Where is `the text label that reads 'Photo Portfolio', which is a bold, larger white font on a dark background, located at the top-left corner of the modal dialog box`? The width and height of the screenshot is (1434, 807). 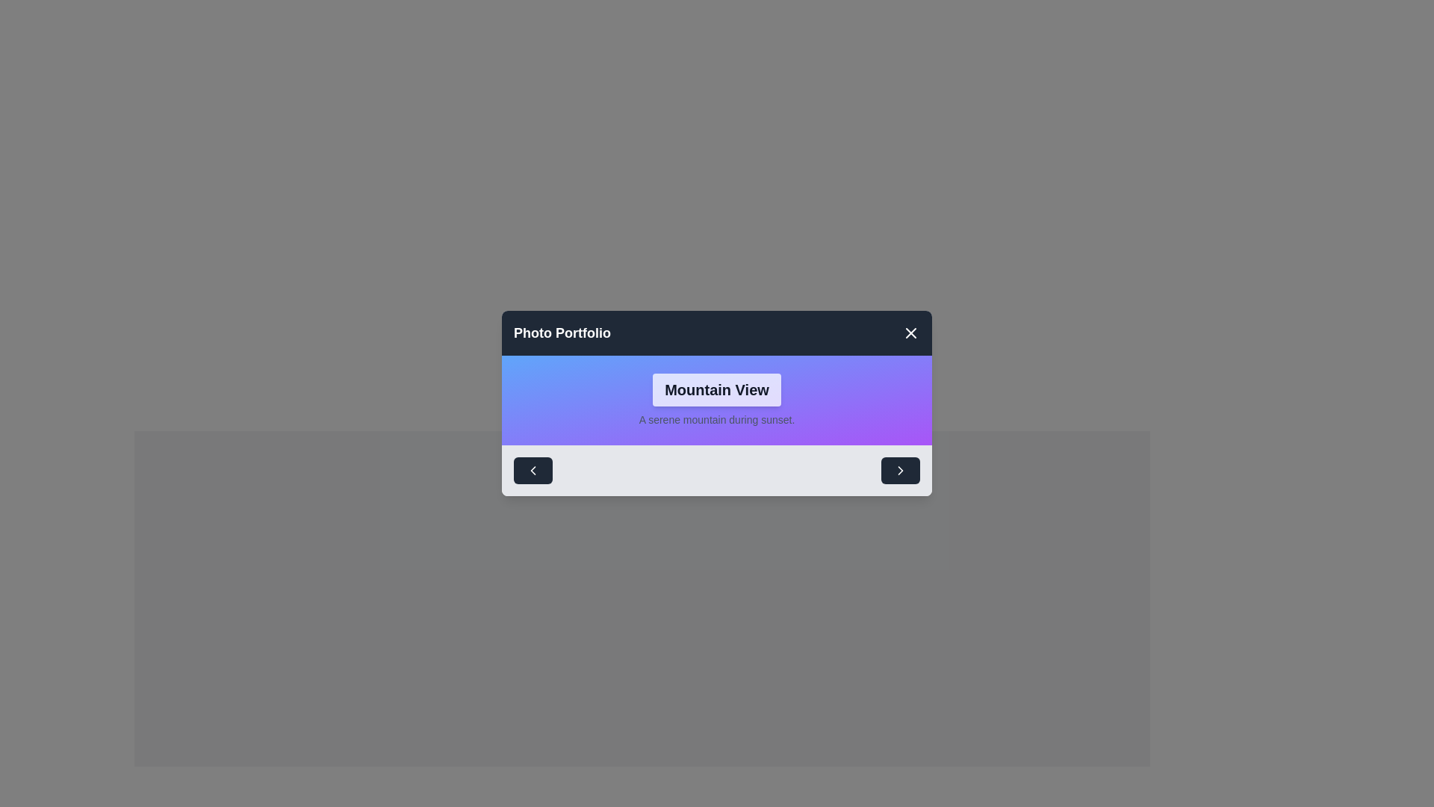
the text label that reads 'Photo Portfolio', which is a bold, larger white font on a dark background, located at the top-left corner of the modal dialog box is located at coordinates (562, 333).